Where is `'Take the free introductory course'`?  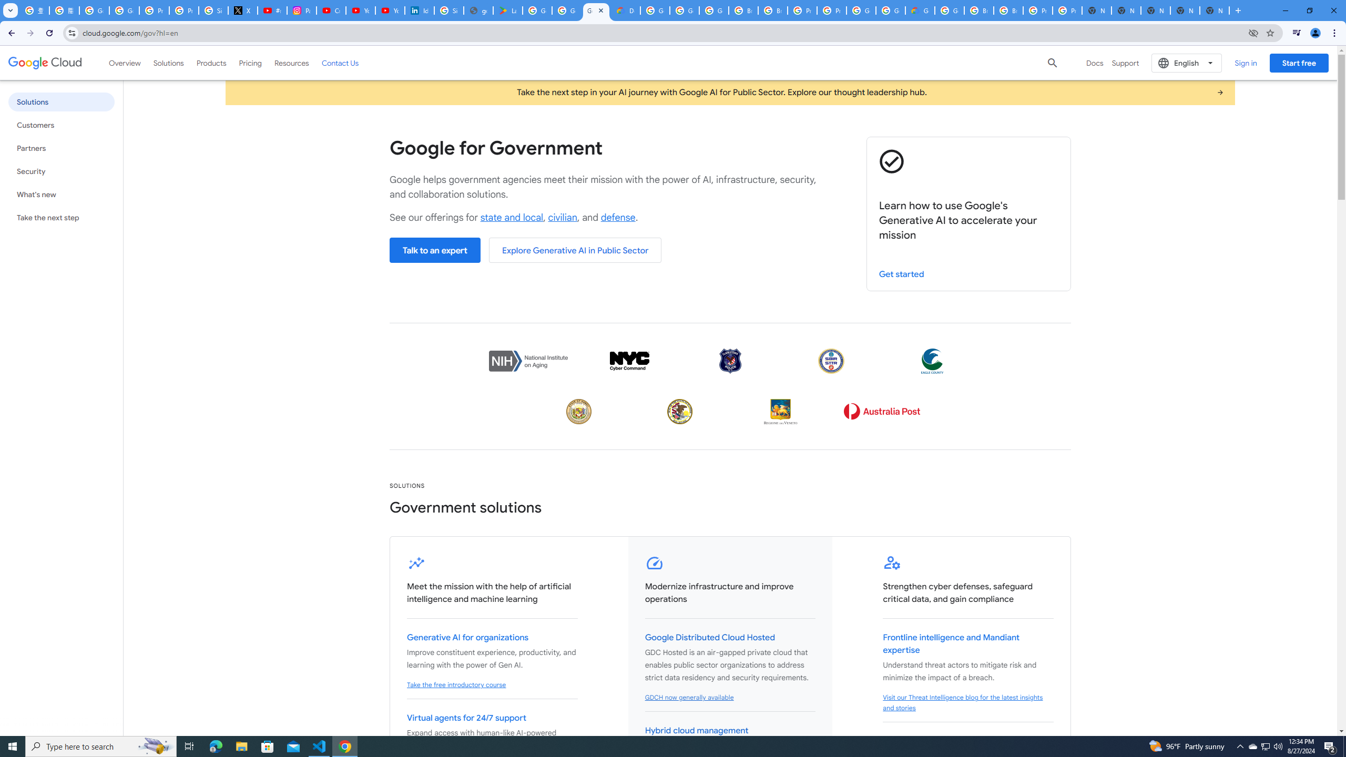
'Take the free introductory course' is located at coordinates (456, 684).